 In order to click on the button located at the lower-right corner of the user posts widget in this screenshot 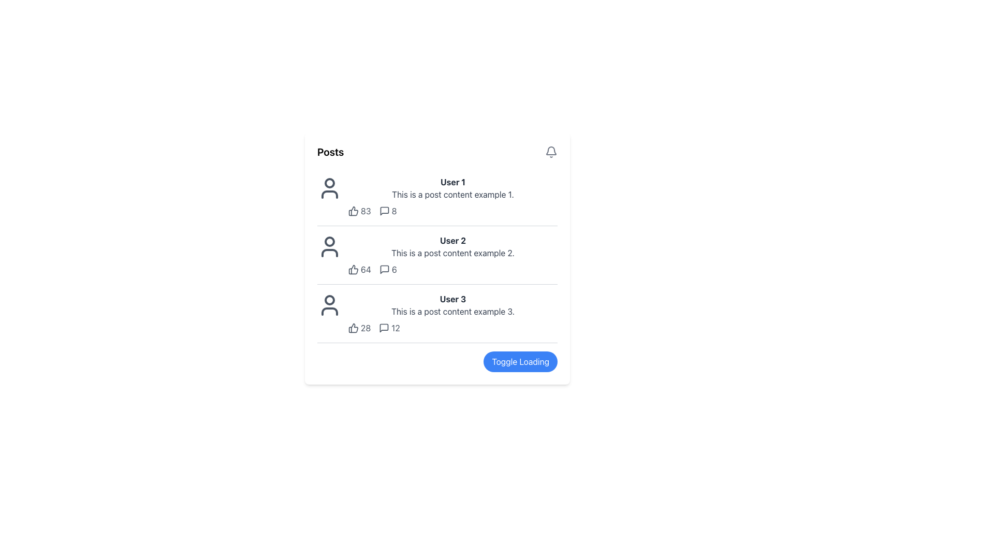, I will do `click(520, 361)`.